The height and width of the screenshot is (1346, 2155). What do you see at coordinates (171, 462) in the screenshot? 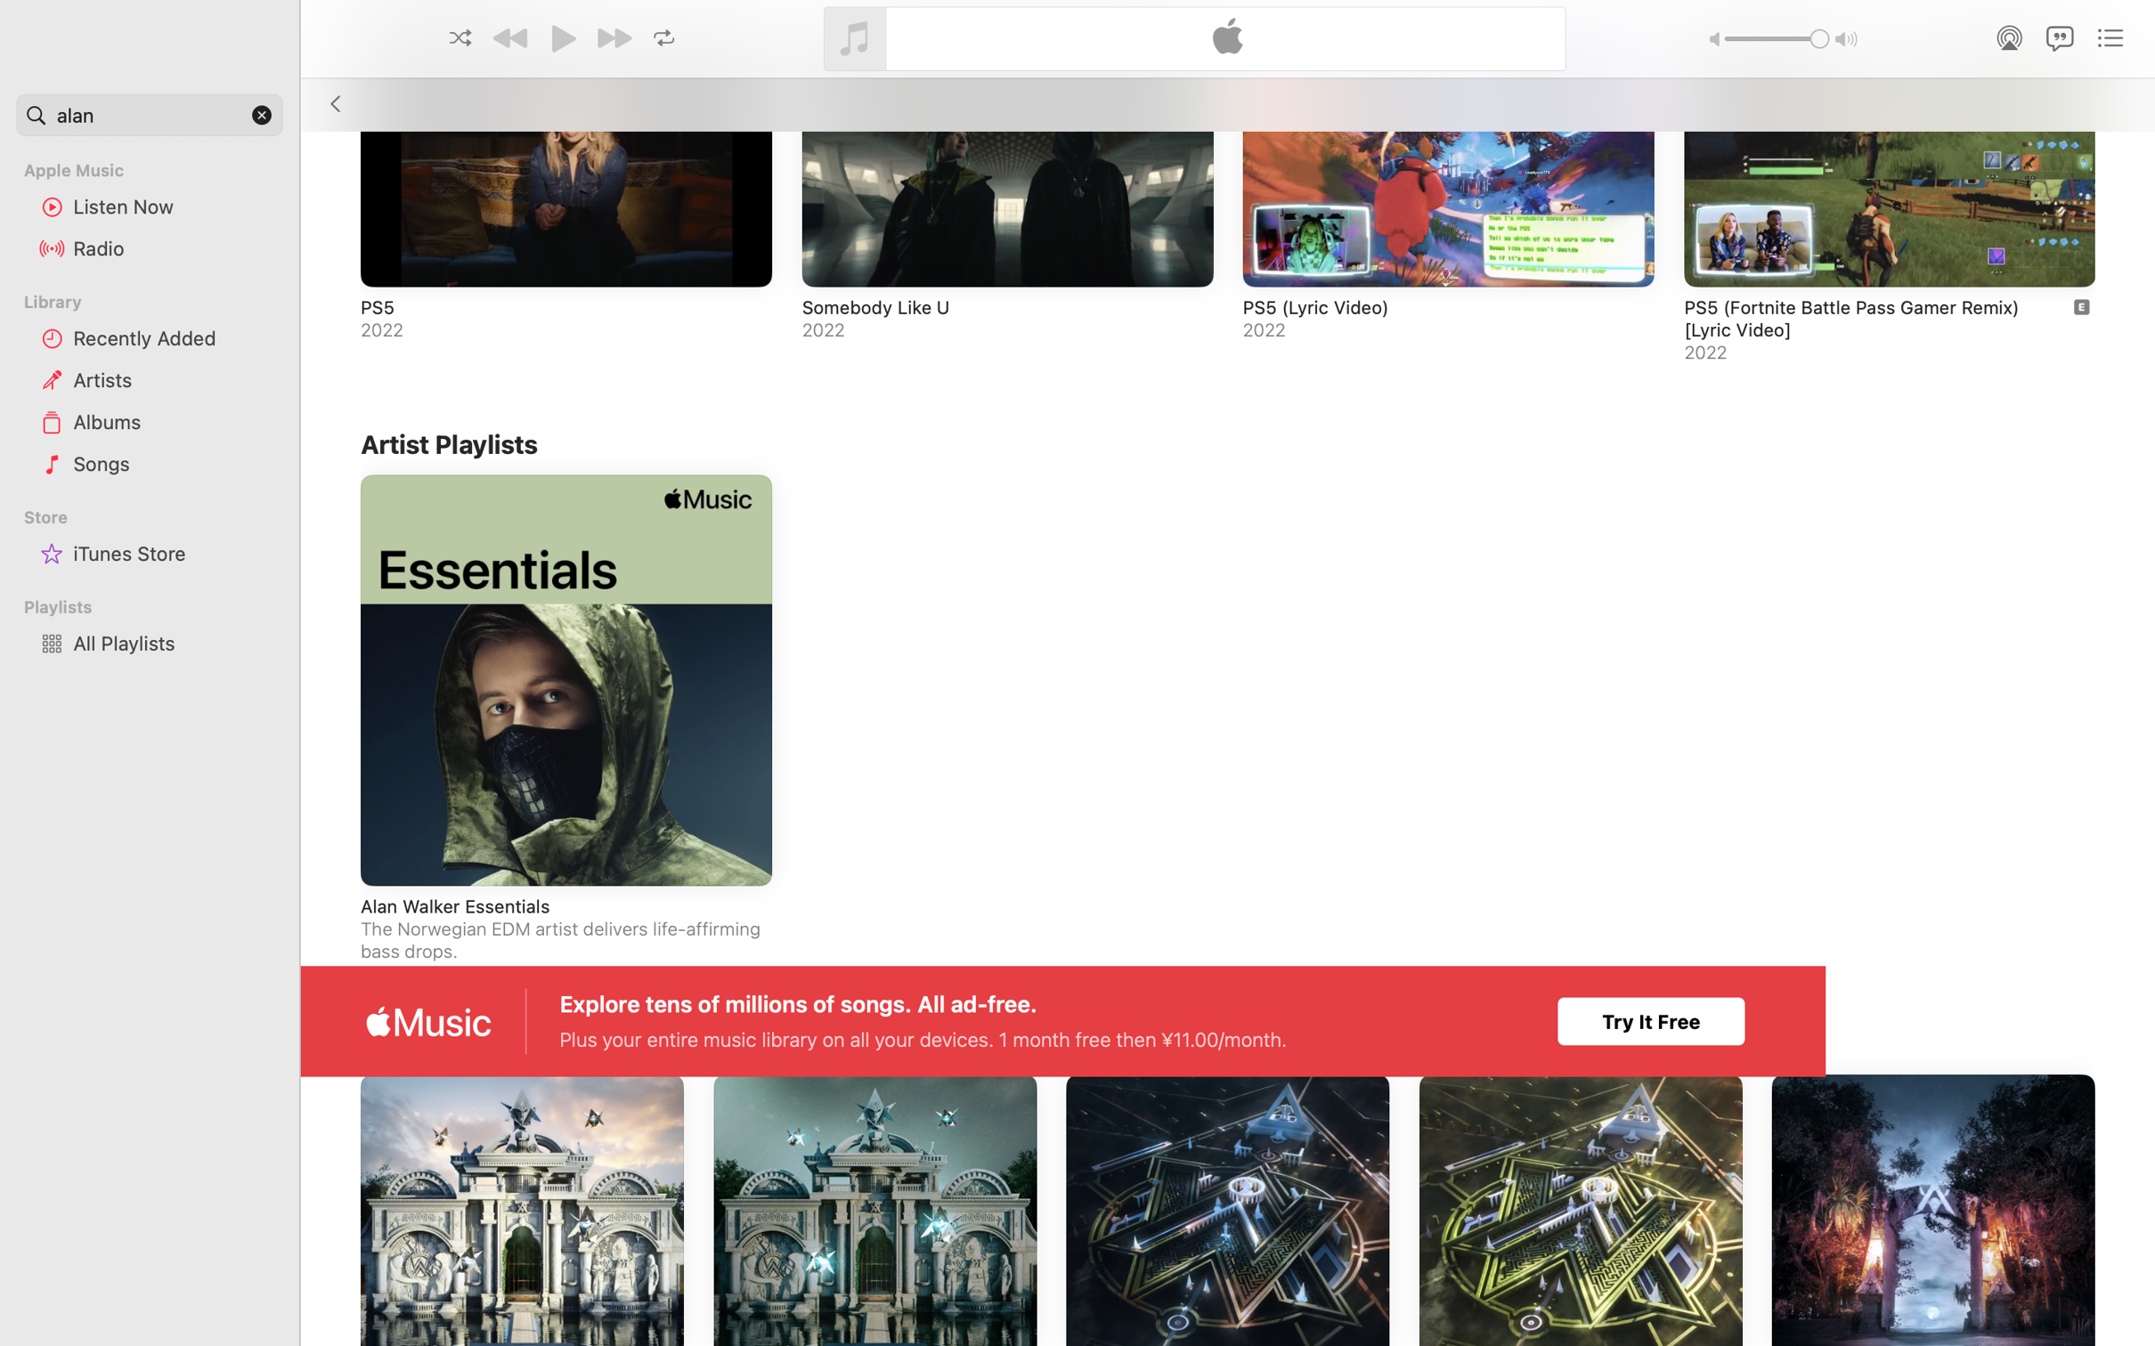
I see `'Songs'` at bounding box center [171, 462].